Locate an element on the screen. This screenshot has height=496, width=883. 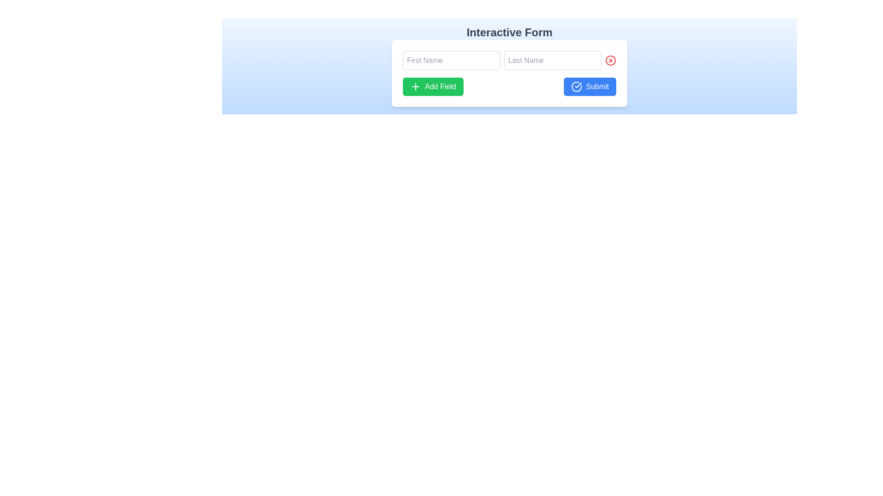
the removal or cancellation button located to the immediate right of the 'Last Name' input field is located at coordinates (611, 60).